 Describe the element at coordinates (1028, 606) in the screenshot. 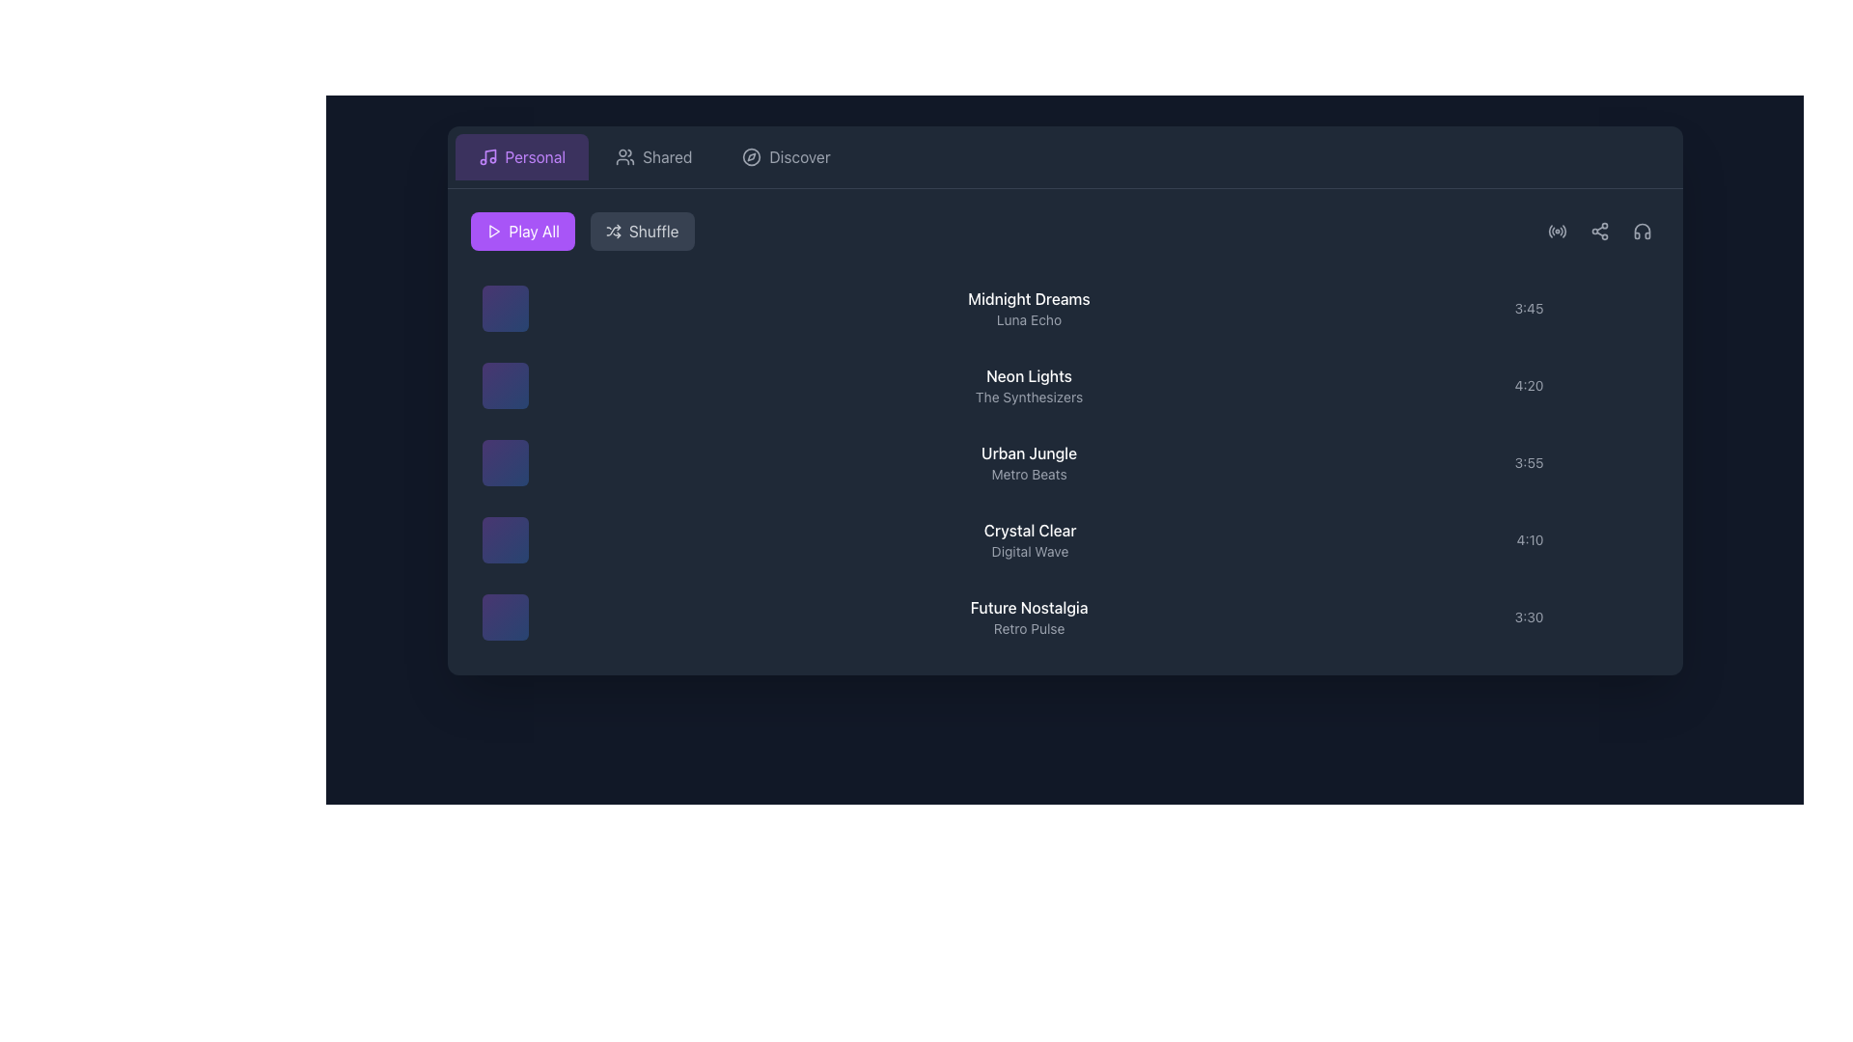

I see `the title label for the song or album entry named 'Future Nostalgia' located at the bottom section of the main content area` at that location.